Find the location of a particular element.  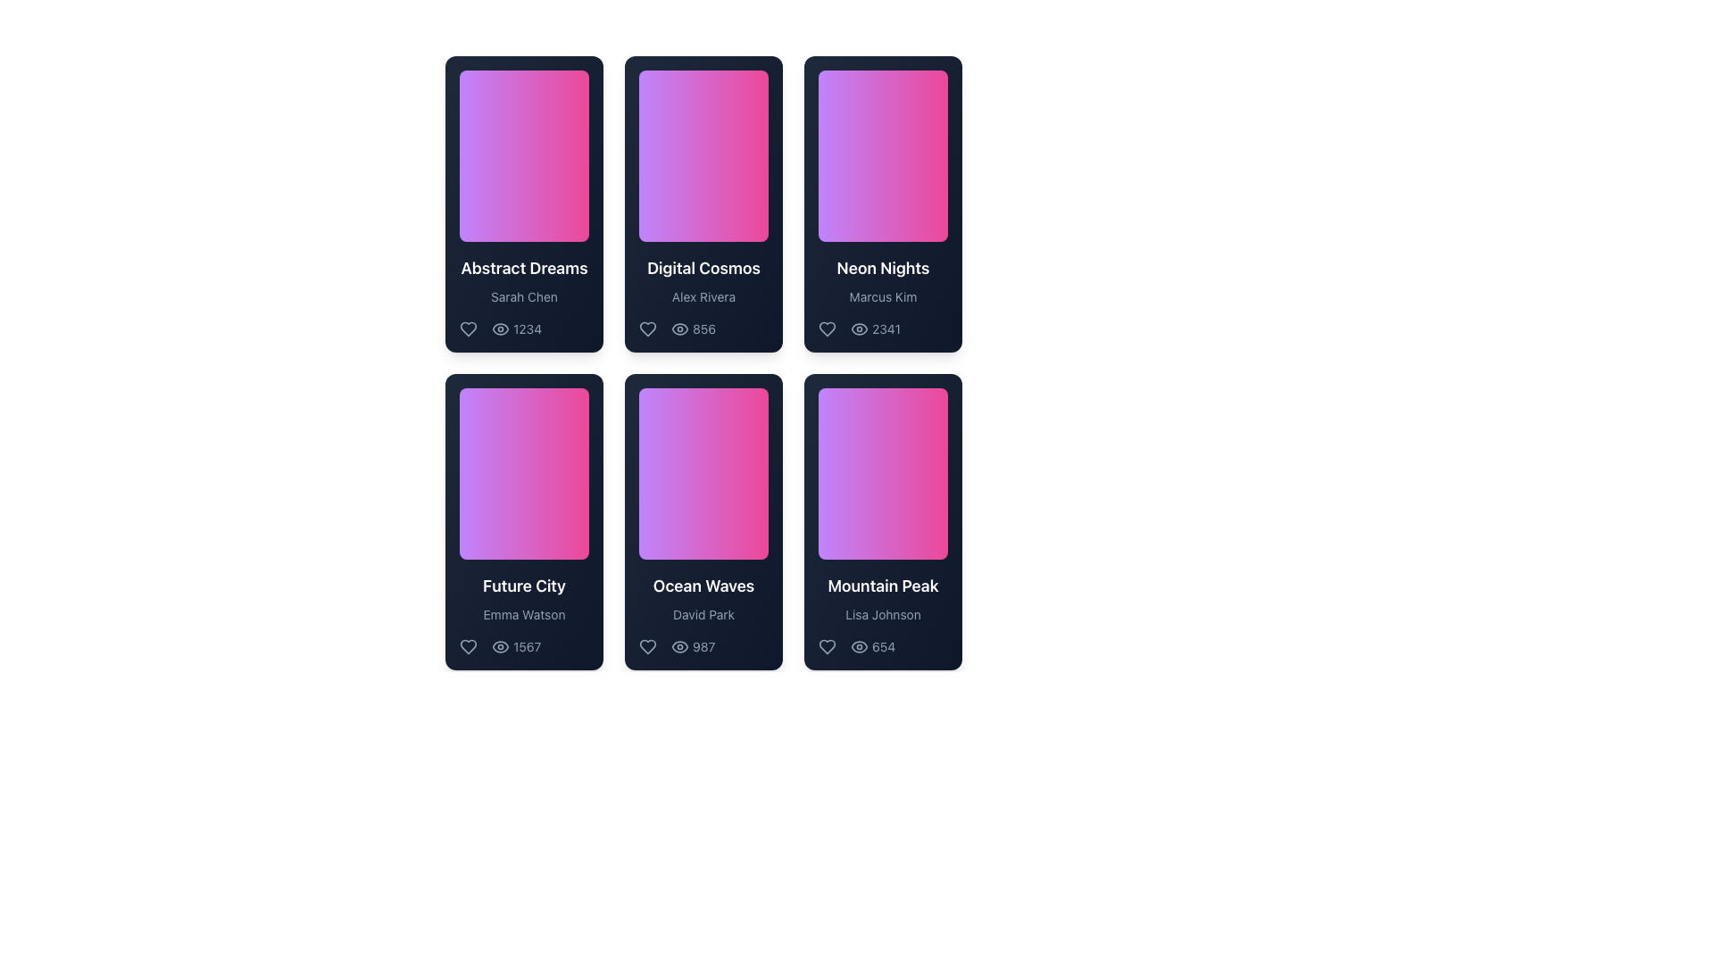

text displayed as 'Neon Nights' in bold white font located in the lower area of the third card in the first row, just above the subtitle 'Marcus Kim' is located at coordinates (883, 268).